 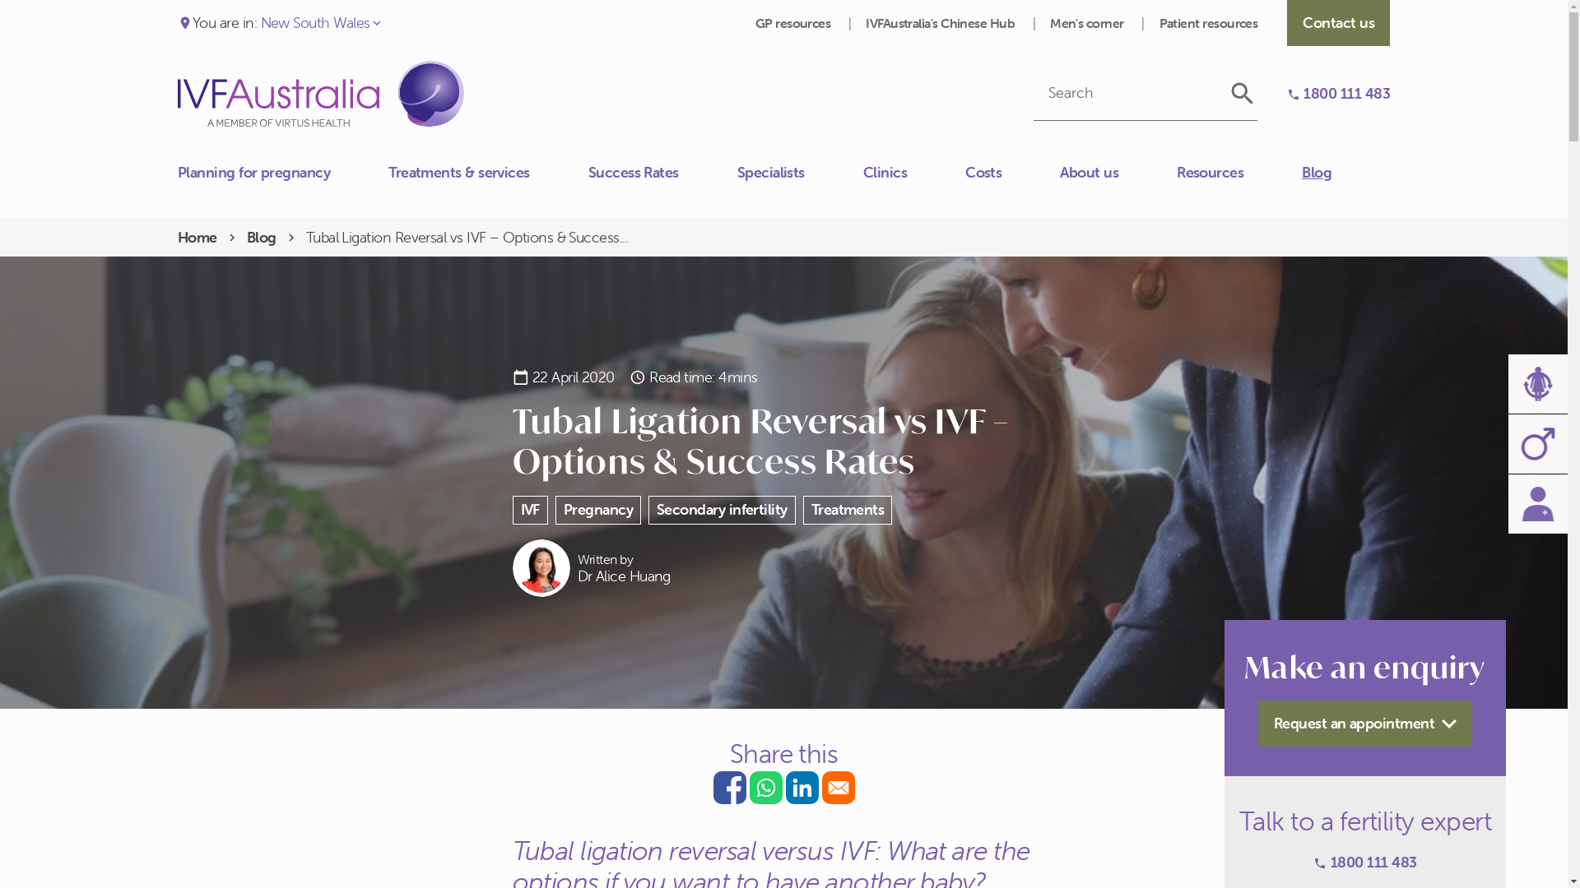 I want to click on 'IVF', so click(x=529, y=509).